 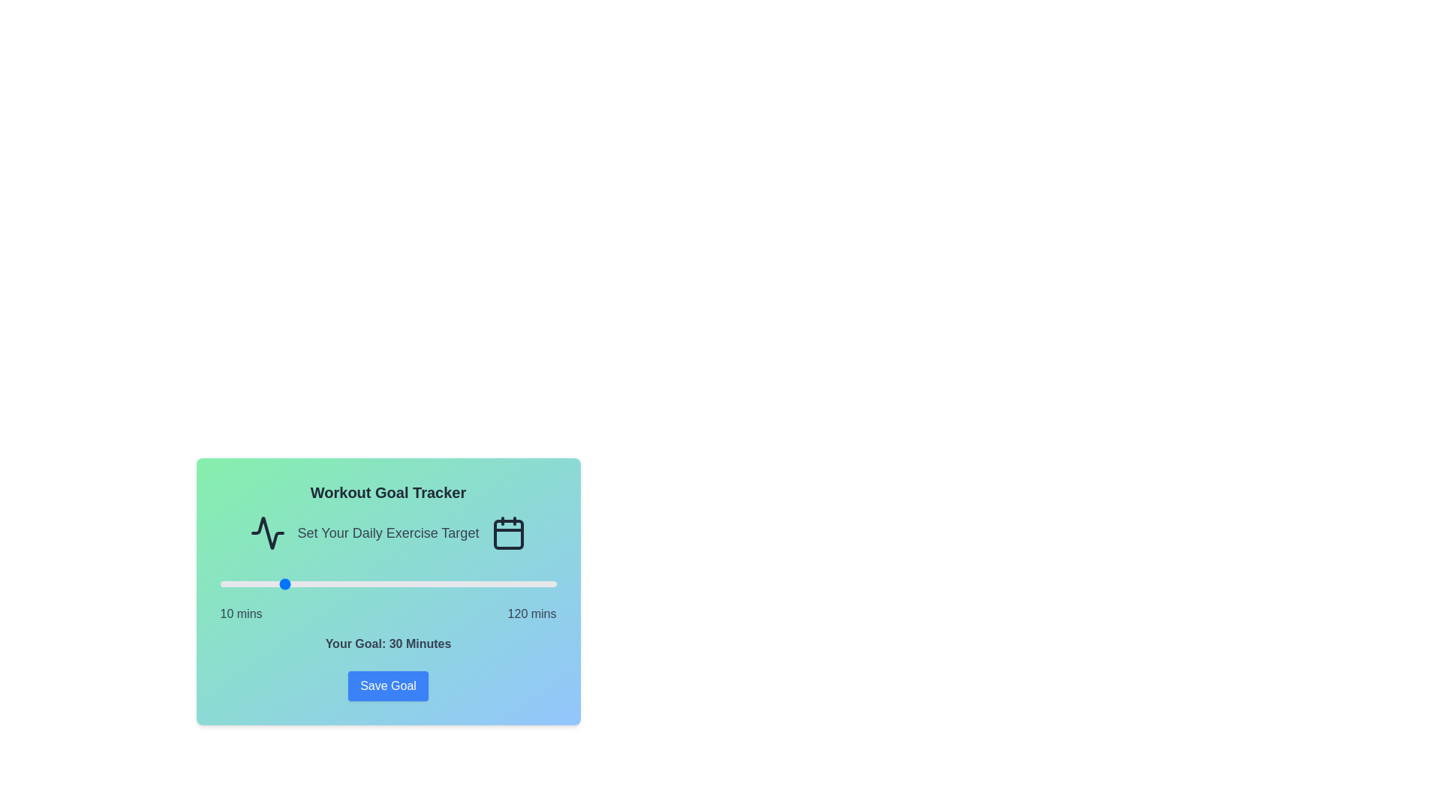 I want to click on the workout goal slider to set the goal to 27 minutes, so click(x=272, y=583).